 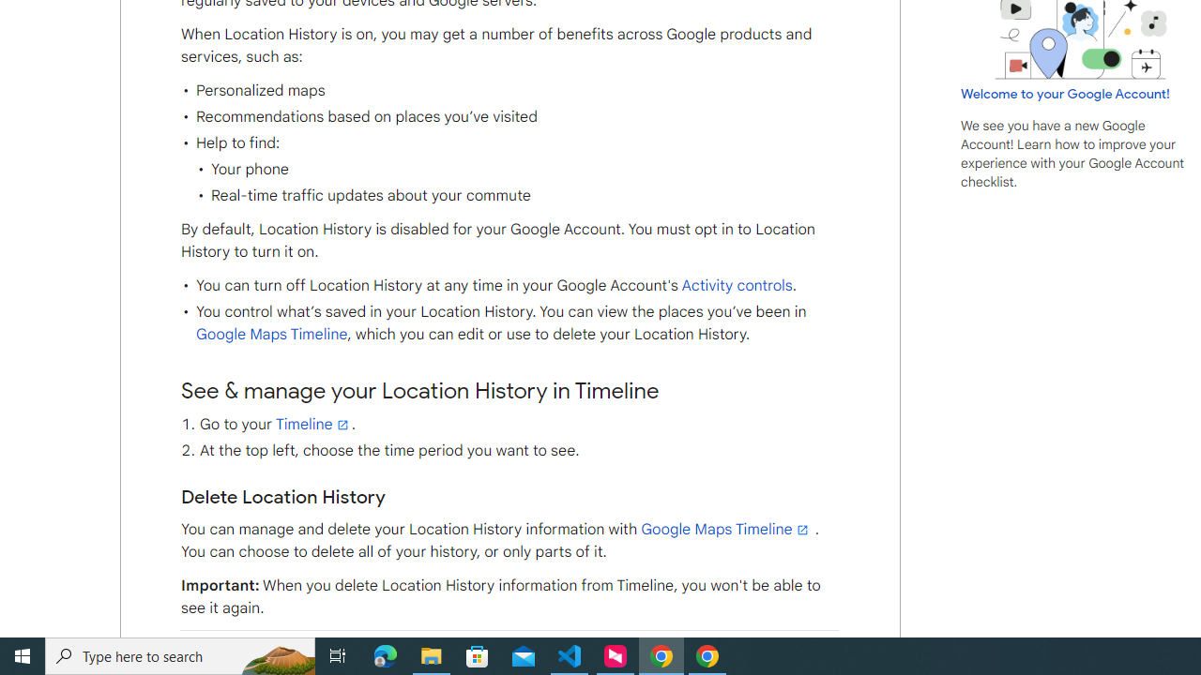 What do you see at coordinates (736, 286) in the screenshot?
I see `'Activity controls'` at bounding box center [736, 286].